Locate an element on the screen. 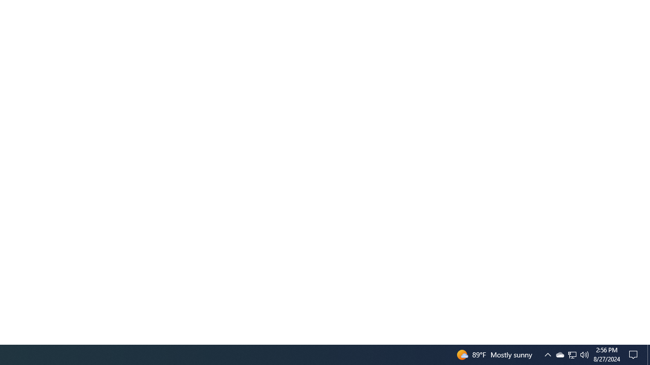 This screenshot has height=365, width=650. 'Show desktop' is located at coordinates (648, 354).